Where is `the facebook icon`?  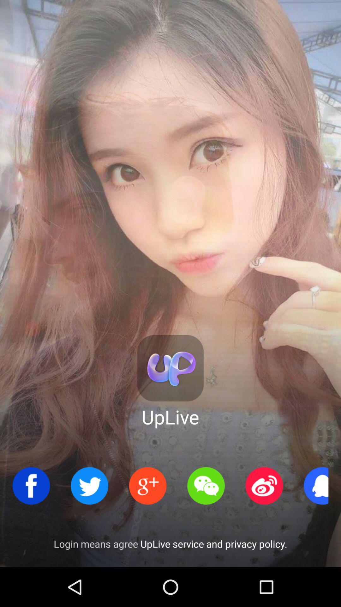 the facebook icon is located at coordinates (31, 485).